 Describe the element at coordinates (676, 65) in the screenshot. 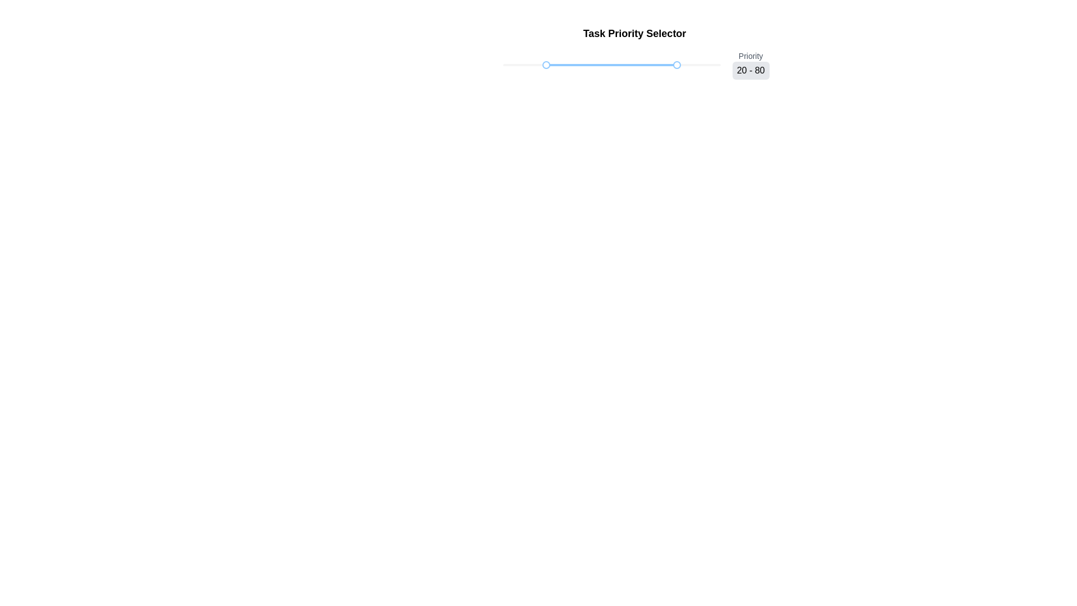

I see `on the second slider handle located on the right side of the slider track, adjacent` at that location.